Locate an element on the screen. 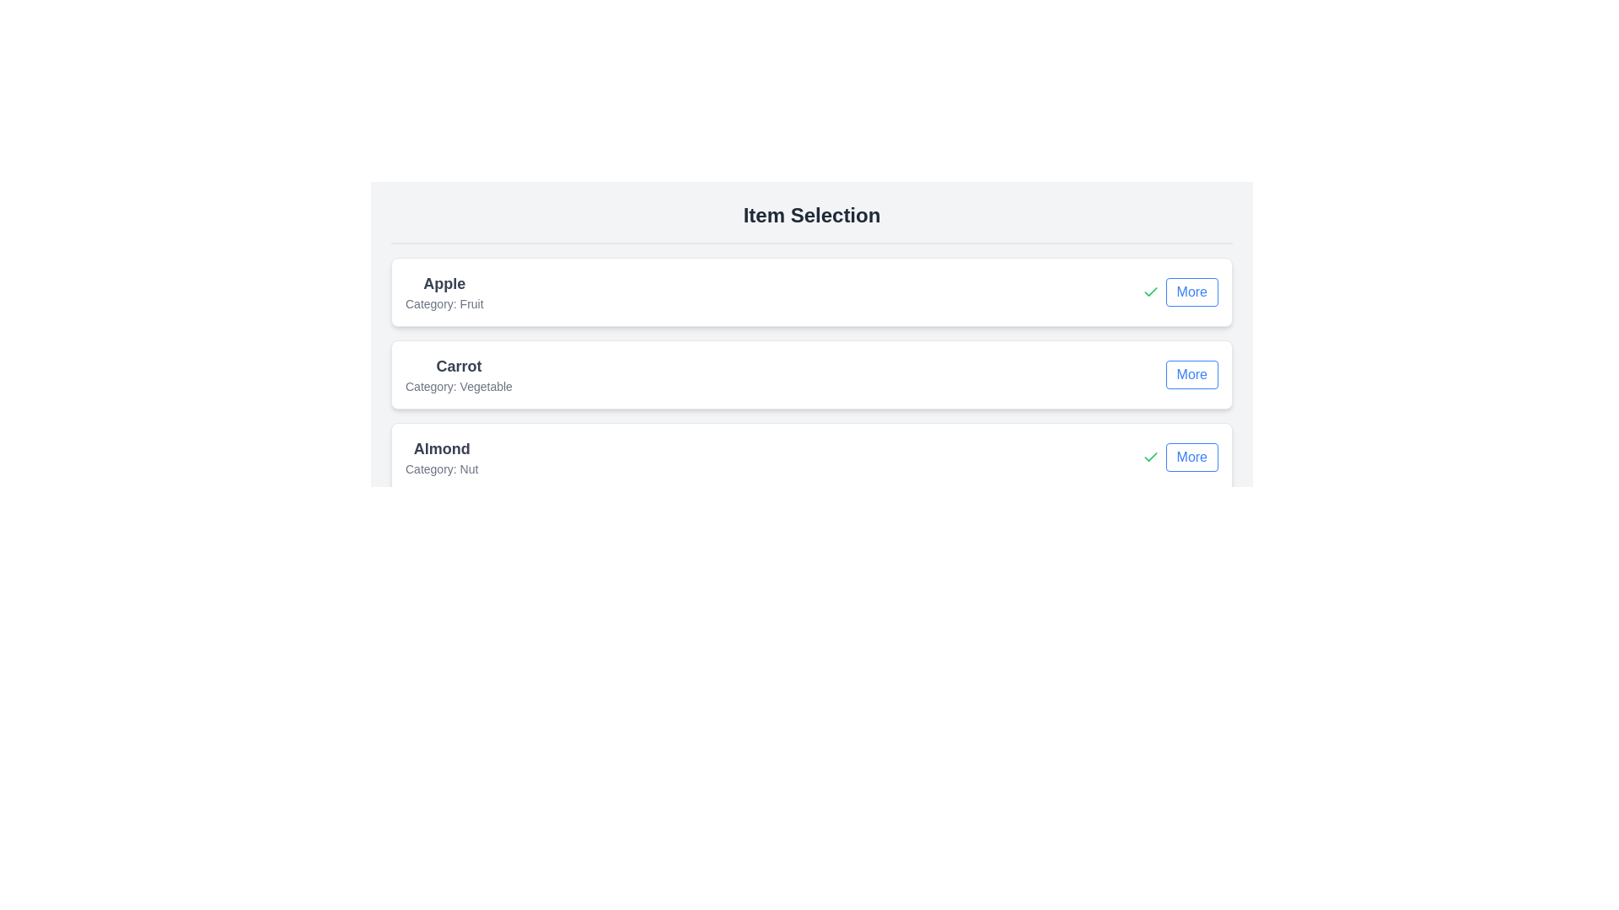  the 'More' button, which is styled with a blue border and text, located to the right of a green checkmark icon and aligned to the right of the label 'Category: Fruit' is located at coordinates (1179, 292).